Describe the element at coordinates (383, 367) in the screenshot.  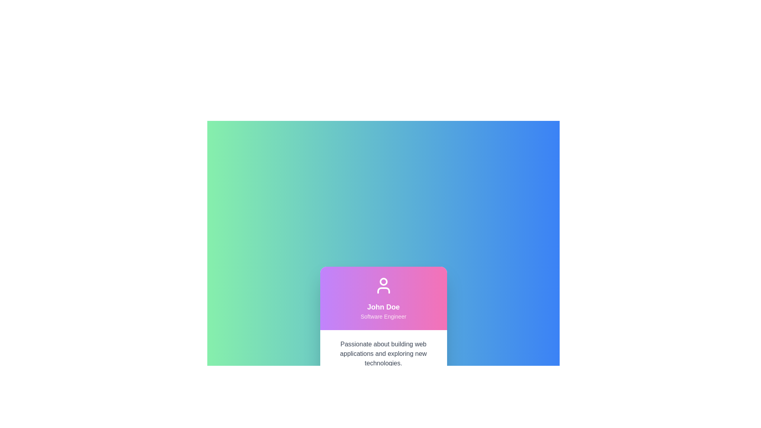
I see `text from the Text Label that contains the phrase 'Passionate about building web applications and exploring new technologies.' which is styled with gray font on a white background, located at the bottom part of a card design component` at that location.